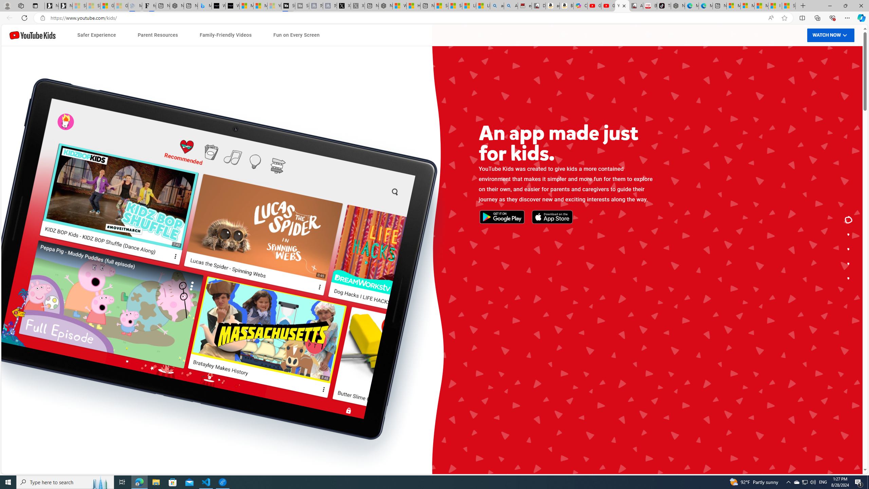 The height and width of the screenshot is (489, 869). Describe the element at coordinates (511, 5) in the screenshot. I see `'Amazon Echo Dot PNG - Search Images'` at that location.